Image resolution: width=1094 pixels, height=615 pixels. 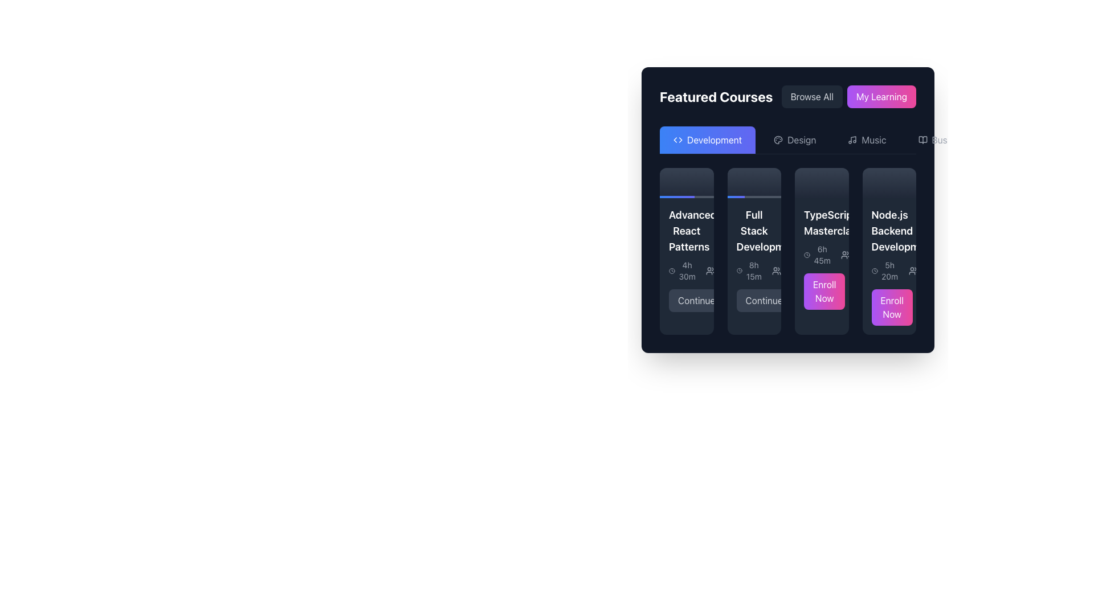 I want to click on the palette icon in the 'Design' tab of the central navigation bar, which is to the right of the 'Development' tab, so click(x=778, y=140).